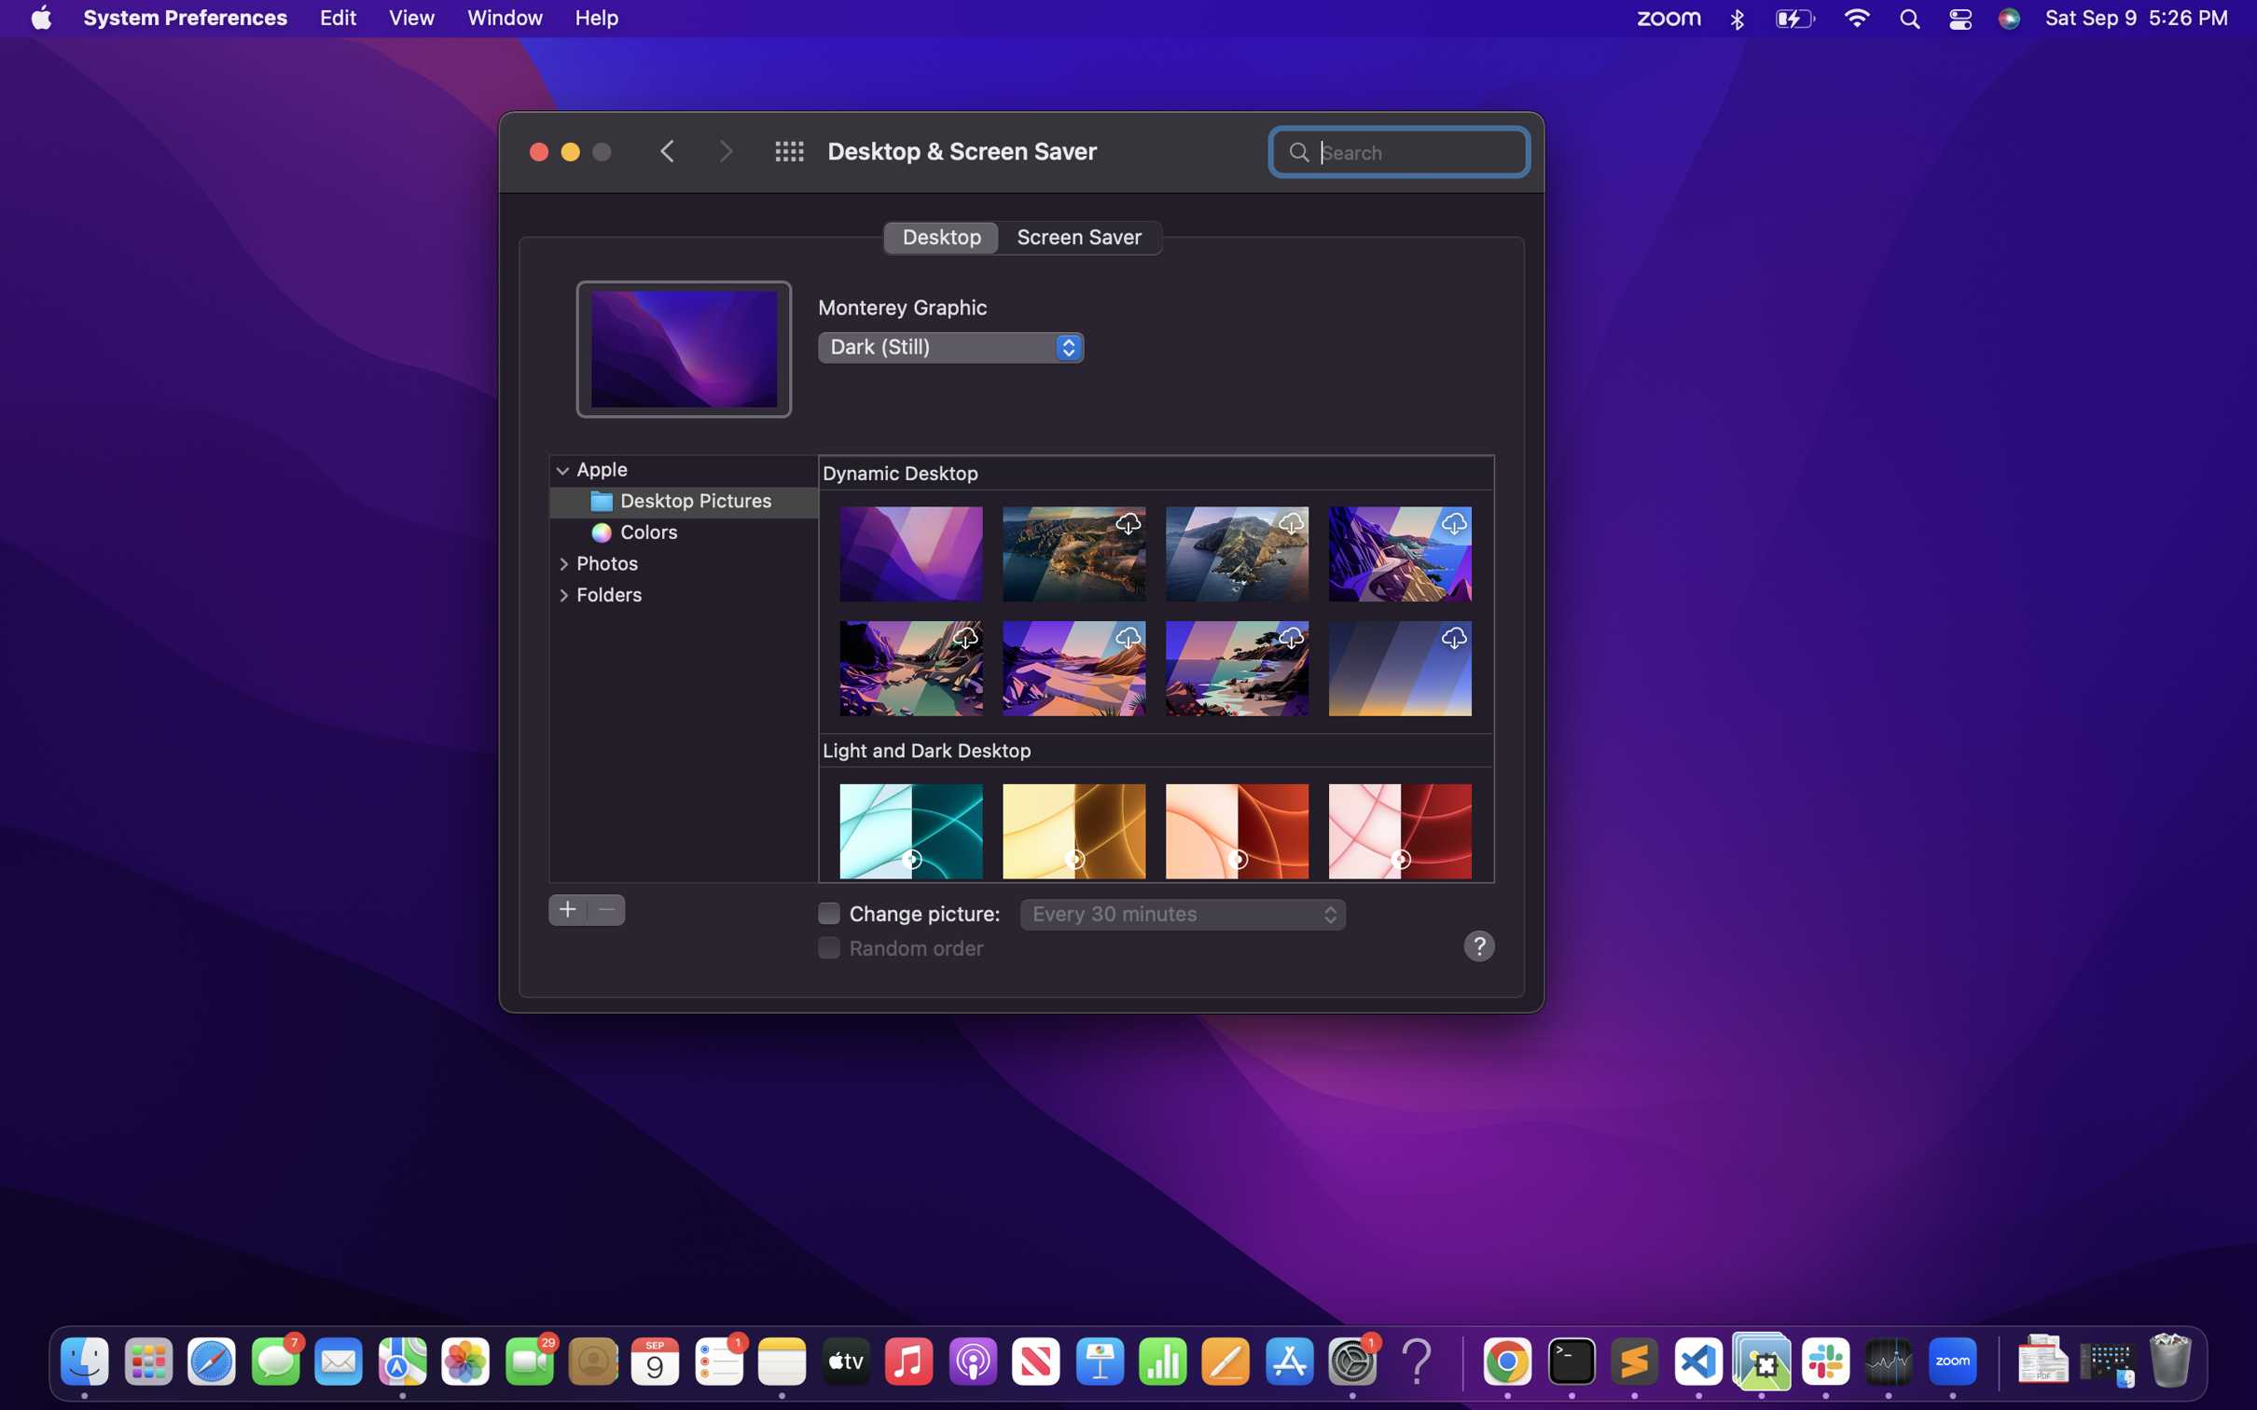 This screenshot has height=1410, width=2257. I want to click on the search bar, so click(1399, 149).